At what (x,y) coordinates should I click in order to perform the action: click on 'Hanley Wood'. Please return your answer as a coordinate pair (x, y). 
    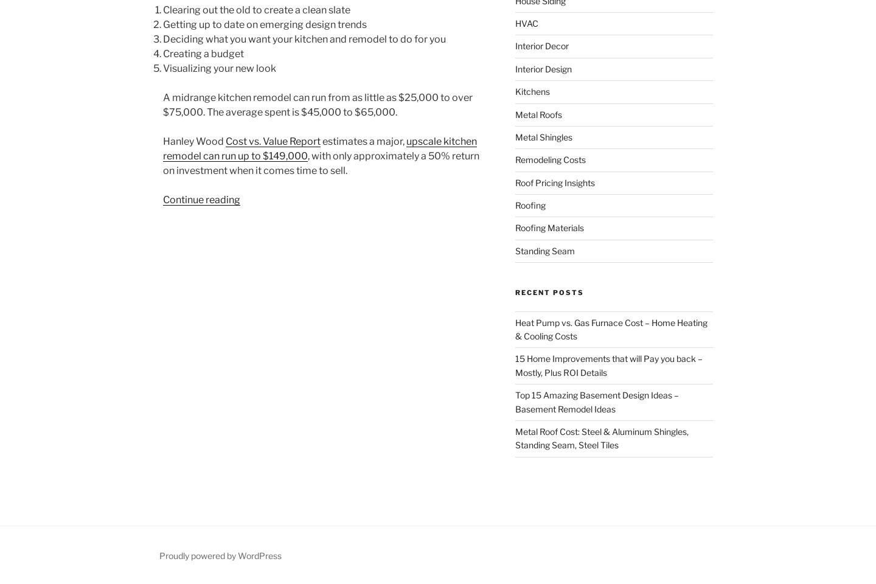
    Looking at the image, I should click on (194, 141).